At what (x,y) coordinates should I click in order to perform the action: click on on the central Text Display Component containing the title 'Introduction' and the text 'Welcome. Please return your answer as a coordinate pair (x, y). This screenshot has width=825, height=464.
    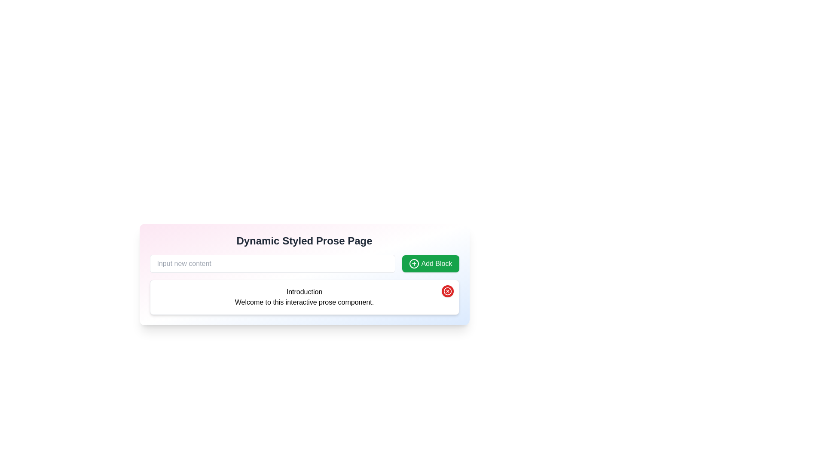
    Looking at the image, I should click on (304, 296).